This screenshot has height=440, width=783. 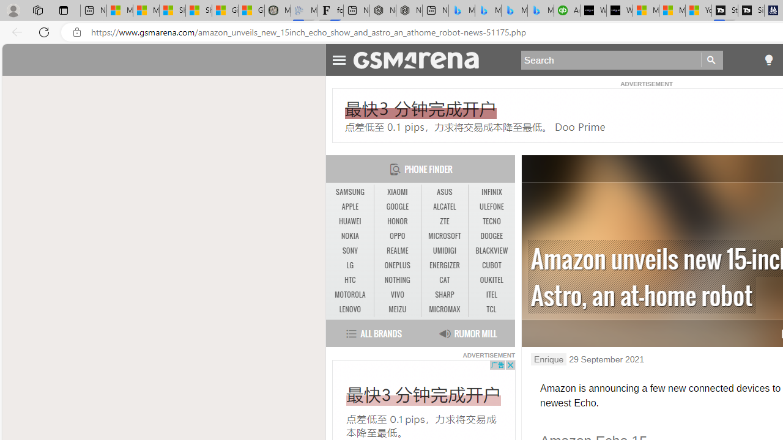 What do you see at coordinates (276, 10) in the screenshot?
I see `'Manatee Mortality Statistics | FWC'` at bounding box center [276, 10].